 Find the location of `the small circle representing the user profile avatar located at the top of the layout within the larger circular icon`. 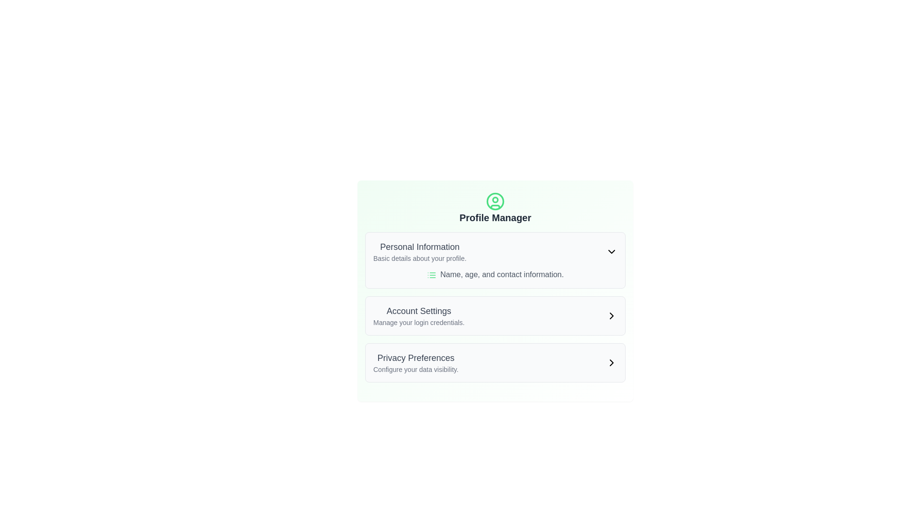

the small circle representing the user profile avatar located at the top of the layout within the larger circular icon is located at coordinates (495, 199).